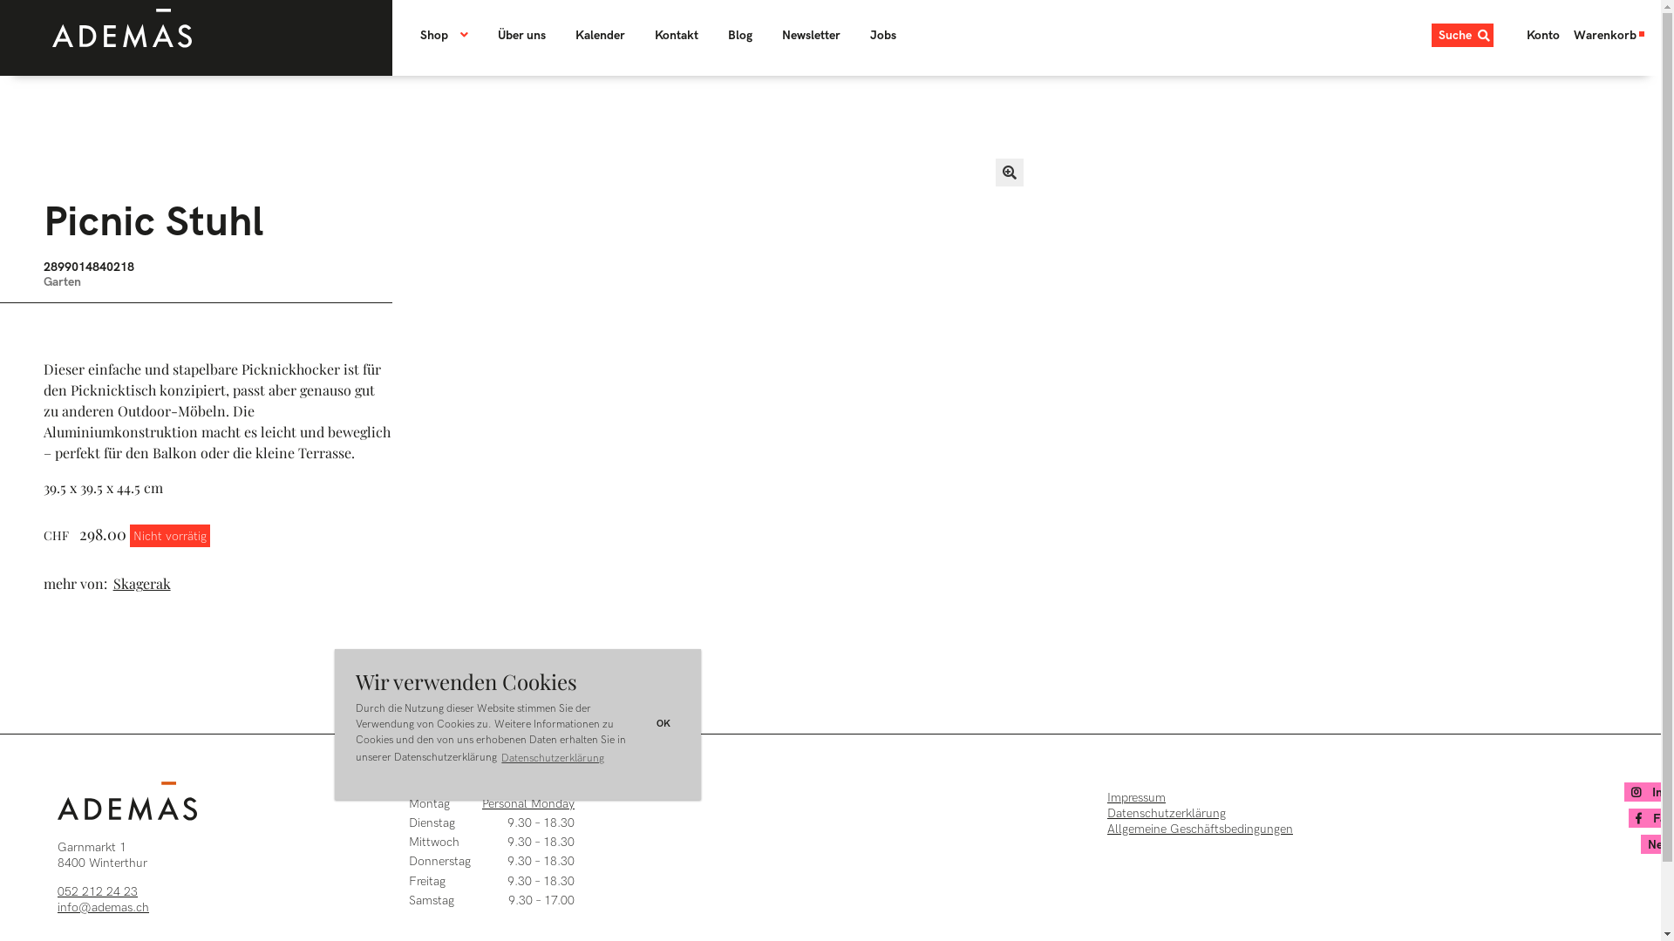 The height and width of the screenshot is (941, 1674). Describe the element at coordinates (740, 35) in the screenshot. I see `'Blog'` at that location.